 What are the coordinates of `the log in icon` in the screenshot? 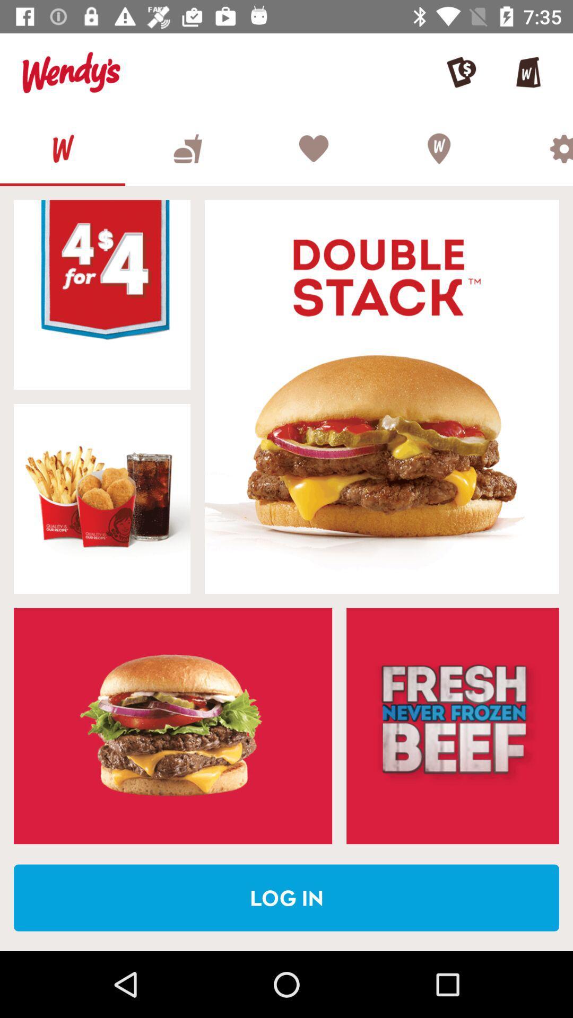 It's located at (286, 897).